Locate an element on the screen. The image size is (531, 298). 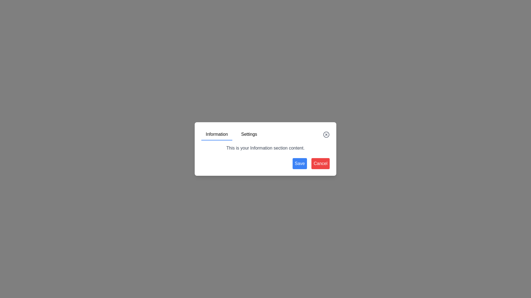
the 'Cancel' button with a red background and white text, located in the bottom-right corner of the modal dialog is located at coordinates (321, 163).